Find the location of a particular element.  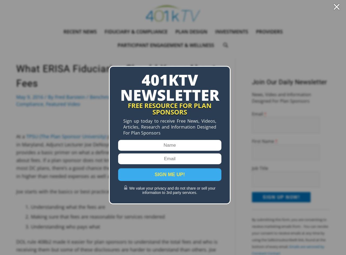

'Fred Barstein' is located at coordinates (55, 96).